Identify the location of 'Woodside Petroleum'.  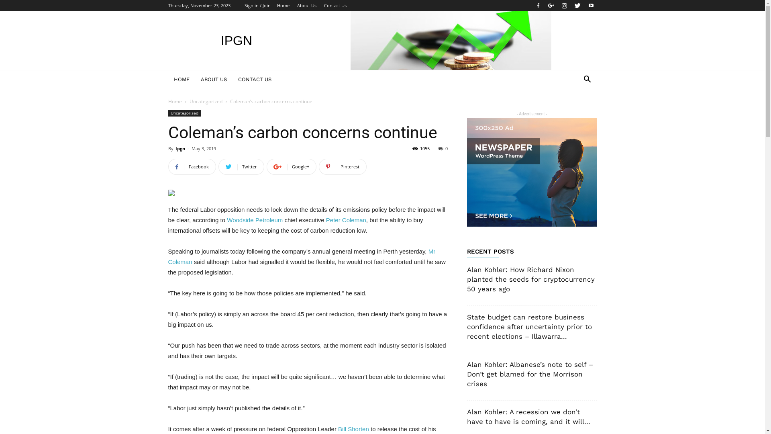
(226, 220).